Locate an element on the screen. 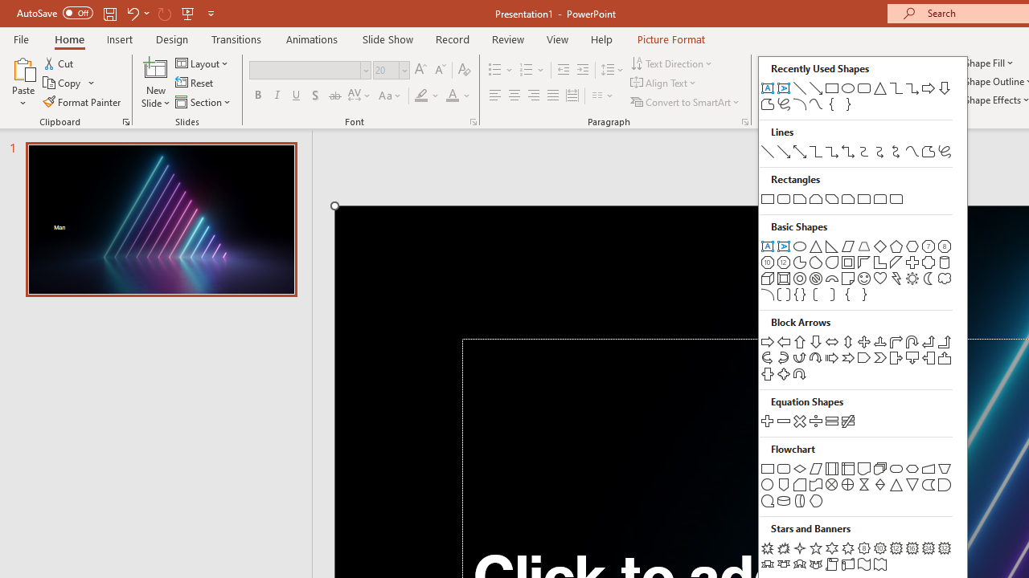 The width and height of the screenshot is (1029, 578). 'From Beginning' is located at coordinates (188, 13).